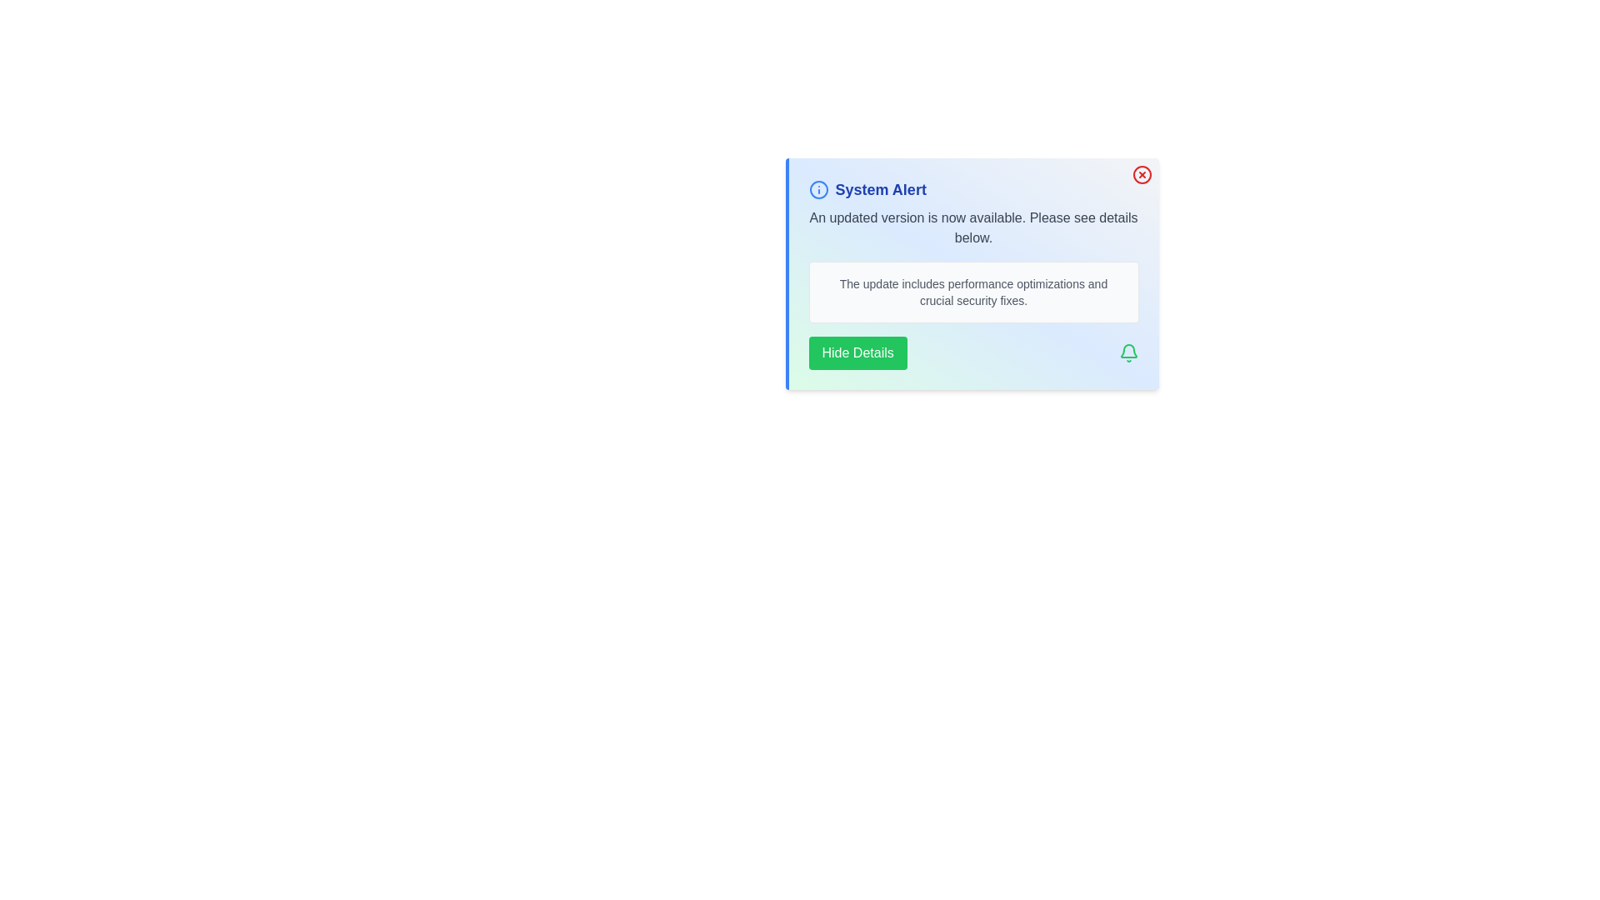 This screenshot has height=900, width=1600. Describe the element at coordinates (1128, 352) in the screenshot. I see `the notification icon to inspect it` at that location.